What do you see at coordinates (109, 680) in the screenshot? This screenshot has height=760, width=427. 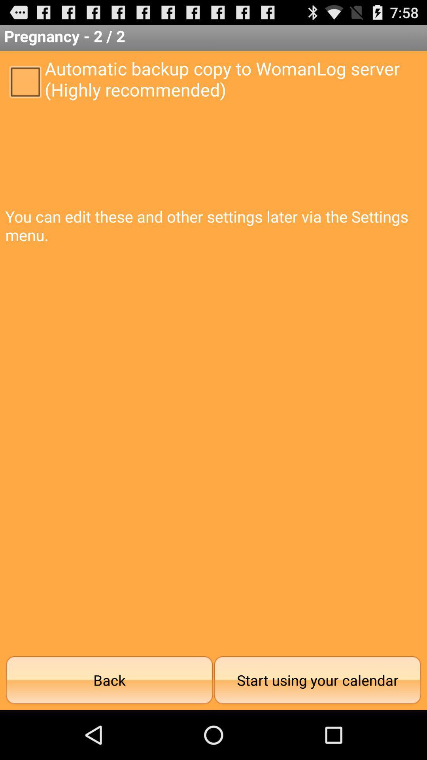 I see `back` at bounding box center [109, 680].